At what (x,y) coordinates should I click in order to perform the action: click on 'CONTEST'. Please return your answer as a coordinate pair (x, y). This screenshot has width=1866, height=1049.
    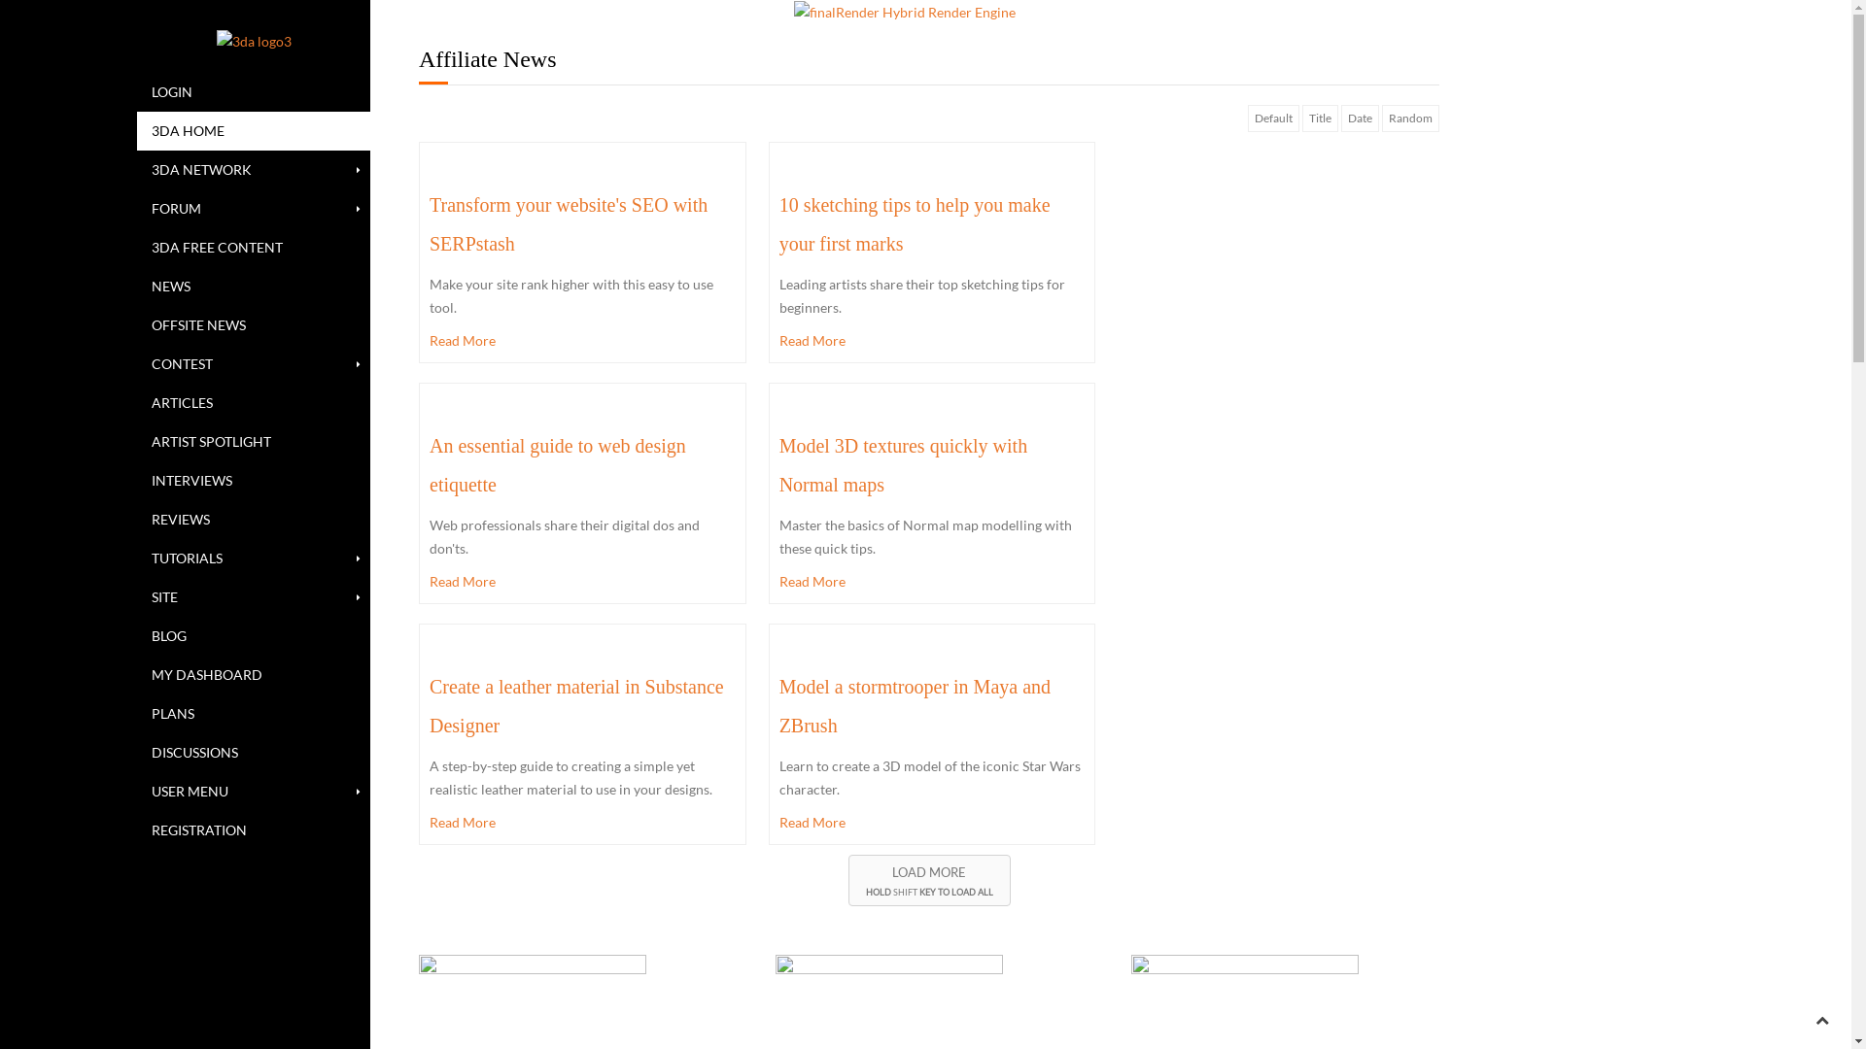
    Looking at the image, I should click on (252, 363).